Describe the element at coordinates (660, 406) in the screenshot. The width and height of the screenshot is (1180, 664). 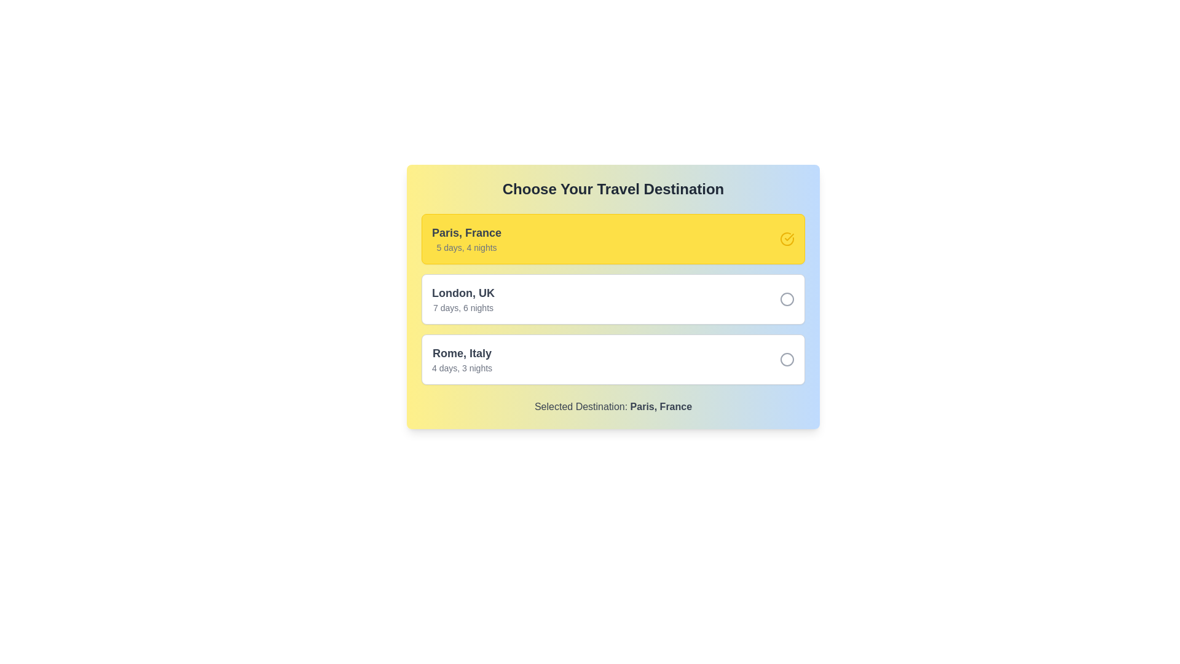
I see `the Text Label that displays the currently selected destination, located at the bottom of the interface, centered below the selection options` at that location.